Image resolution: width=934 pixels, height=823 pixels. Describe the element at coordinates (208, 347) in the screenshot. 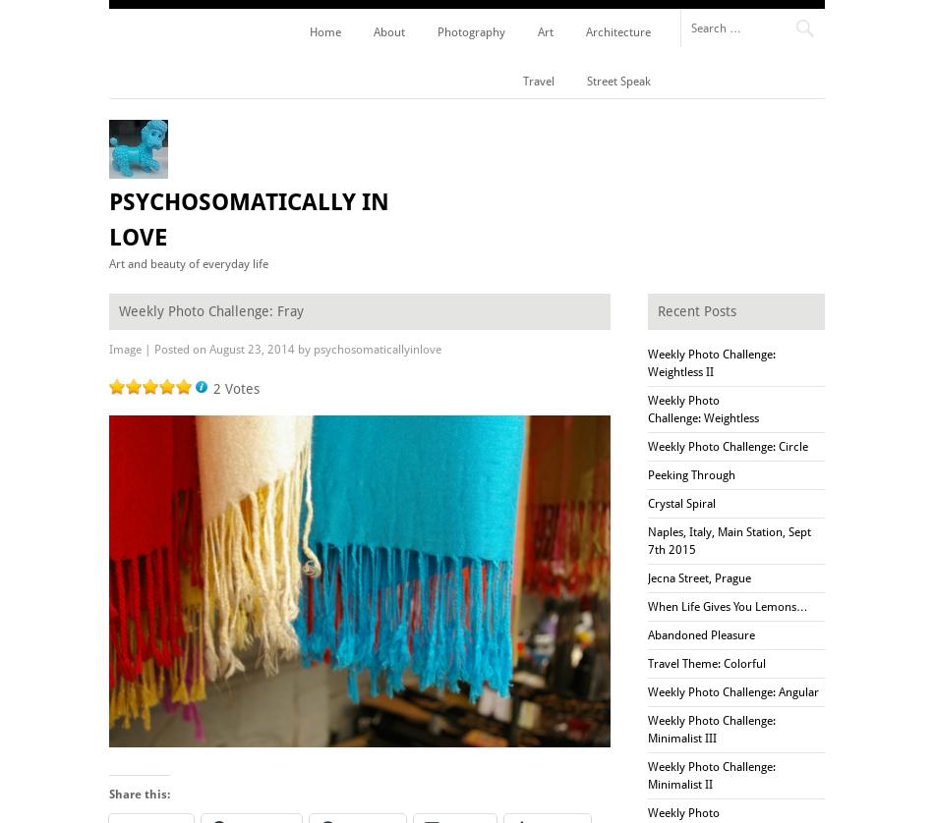

I see `'August 23, 2014'` at that location.